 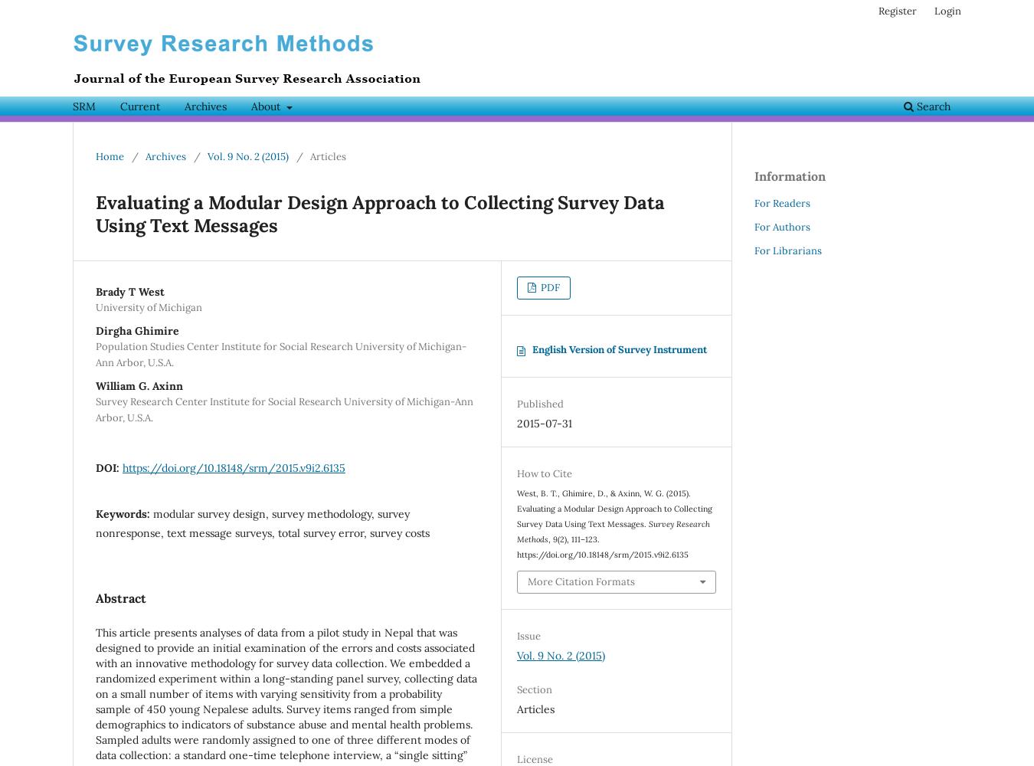 What do you see at coordinates (931, 106) in the screenshot?
I see `'Search'` at bounding box center [931, 106].